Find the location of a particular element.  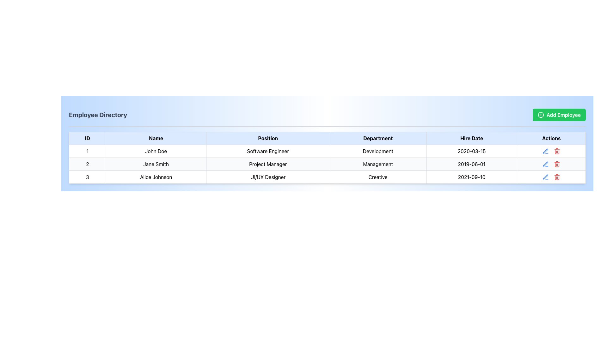

the Text block displaying 'Jane Smith' in the second row of the table under the 'Name' column is located at coordinates (156, 164).